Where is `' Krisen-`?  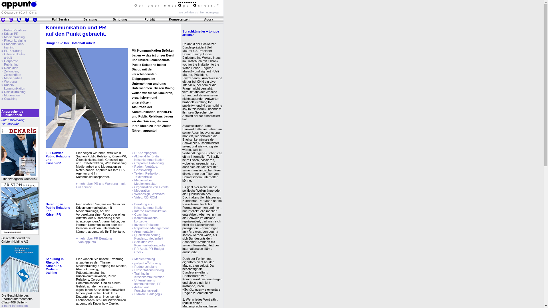
' Krisen- is located at coordinates (13, 87).